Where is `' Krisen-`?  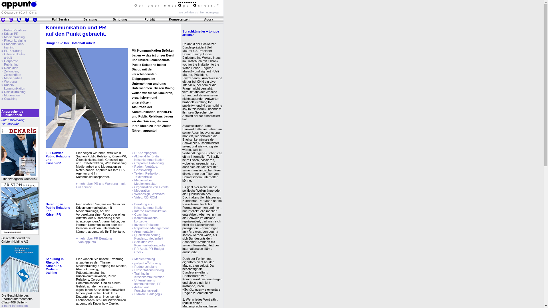
' Krisen- is located at coordinates (13, 87).